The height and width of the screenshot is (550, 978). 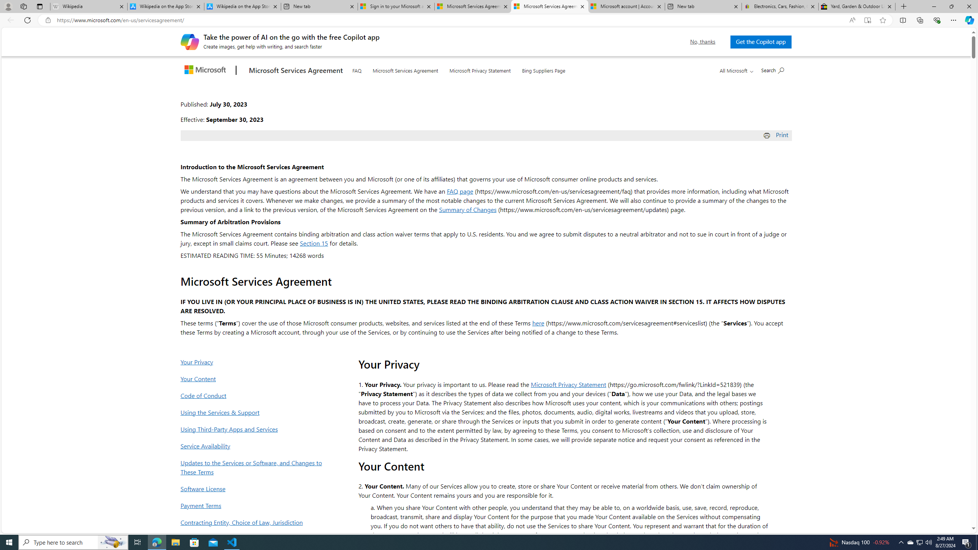 What do you see at coordinates (867, 20) in the screenshot?
I see `'Enter Immersive Reader (F9)'` at bounding box center [867, 20].